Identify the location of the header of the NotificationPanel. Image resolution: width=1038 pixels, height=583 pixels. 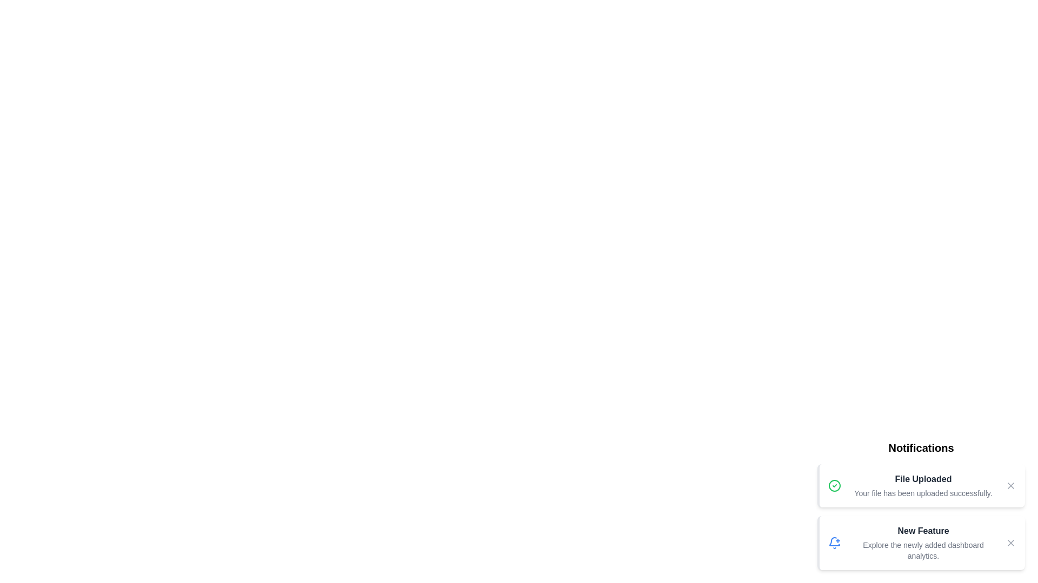
(921, 448).